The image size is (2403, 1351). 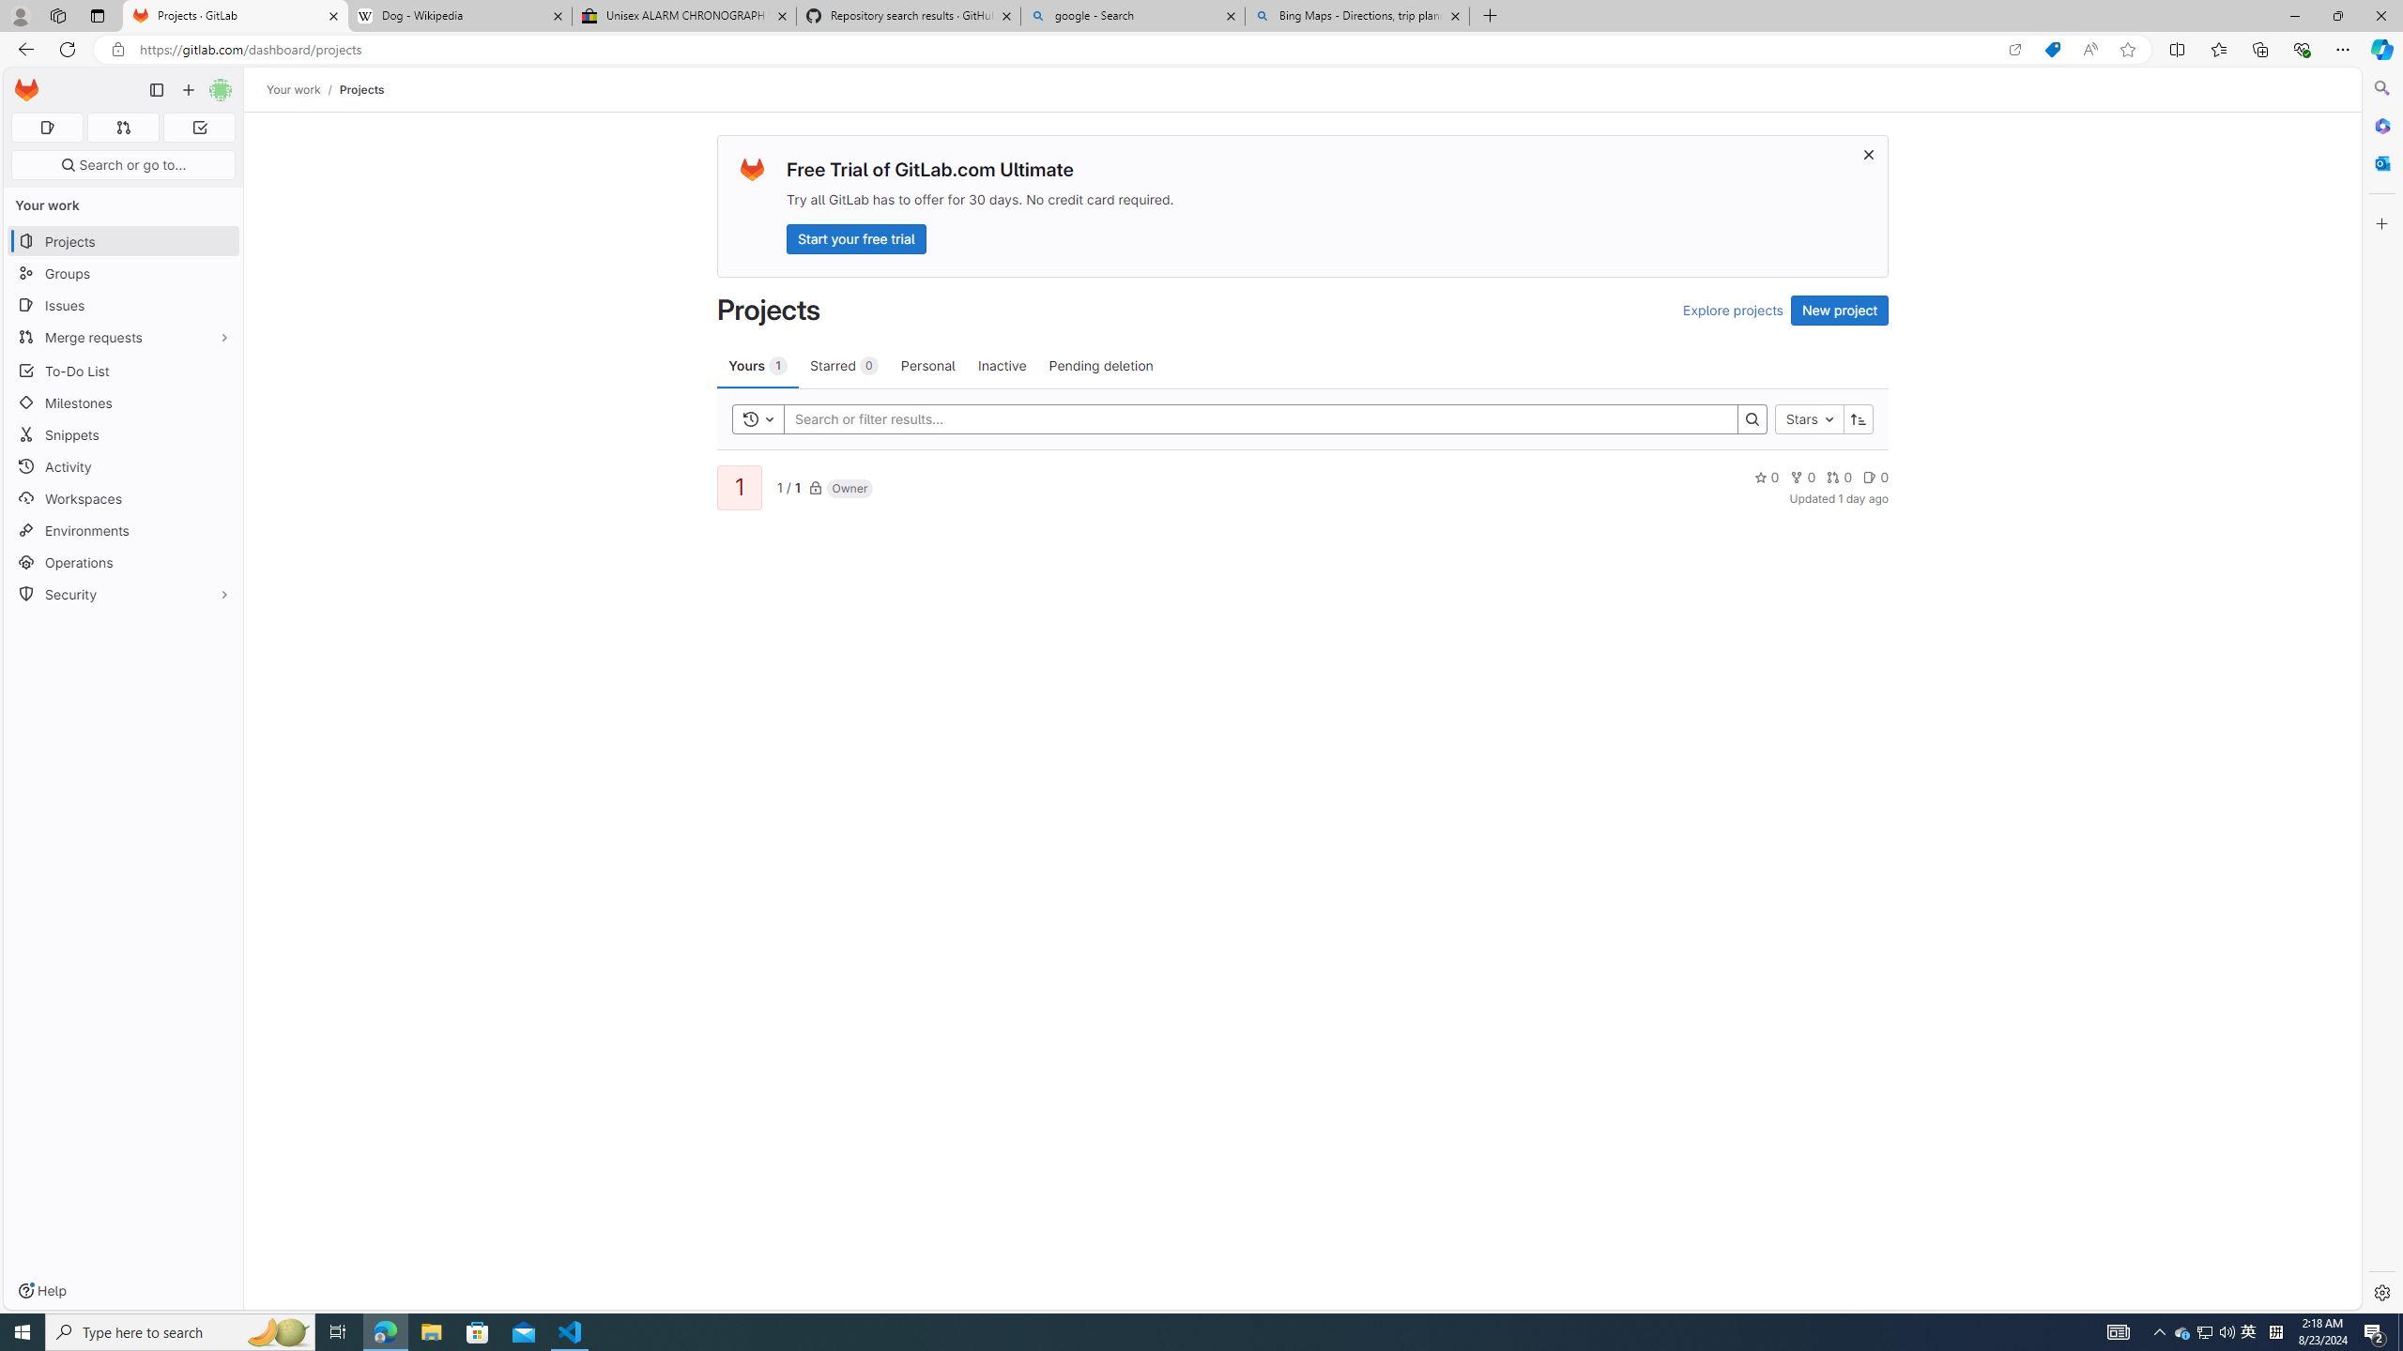 What do you see at coordinates (122, 273) in the screenshot?
I see `'Groups'` at bounding box center [122, 273].